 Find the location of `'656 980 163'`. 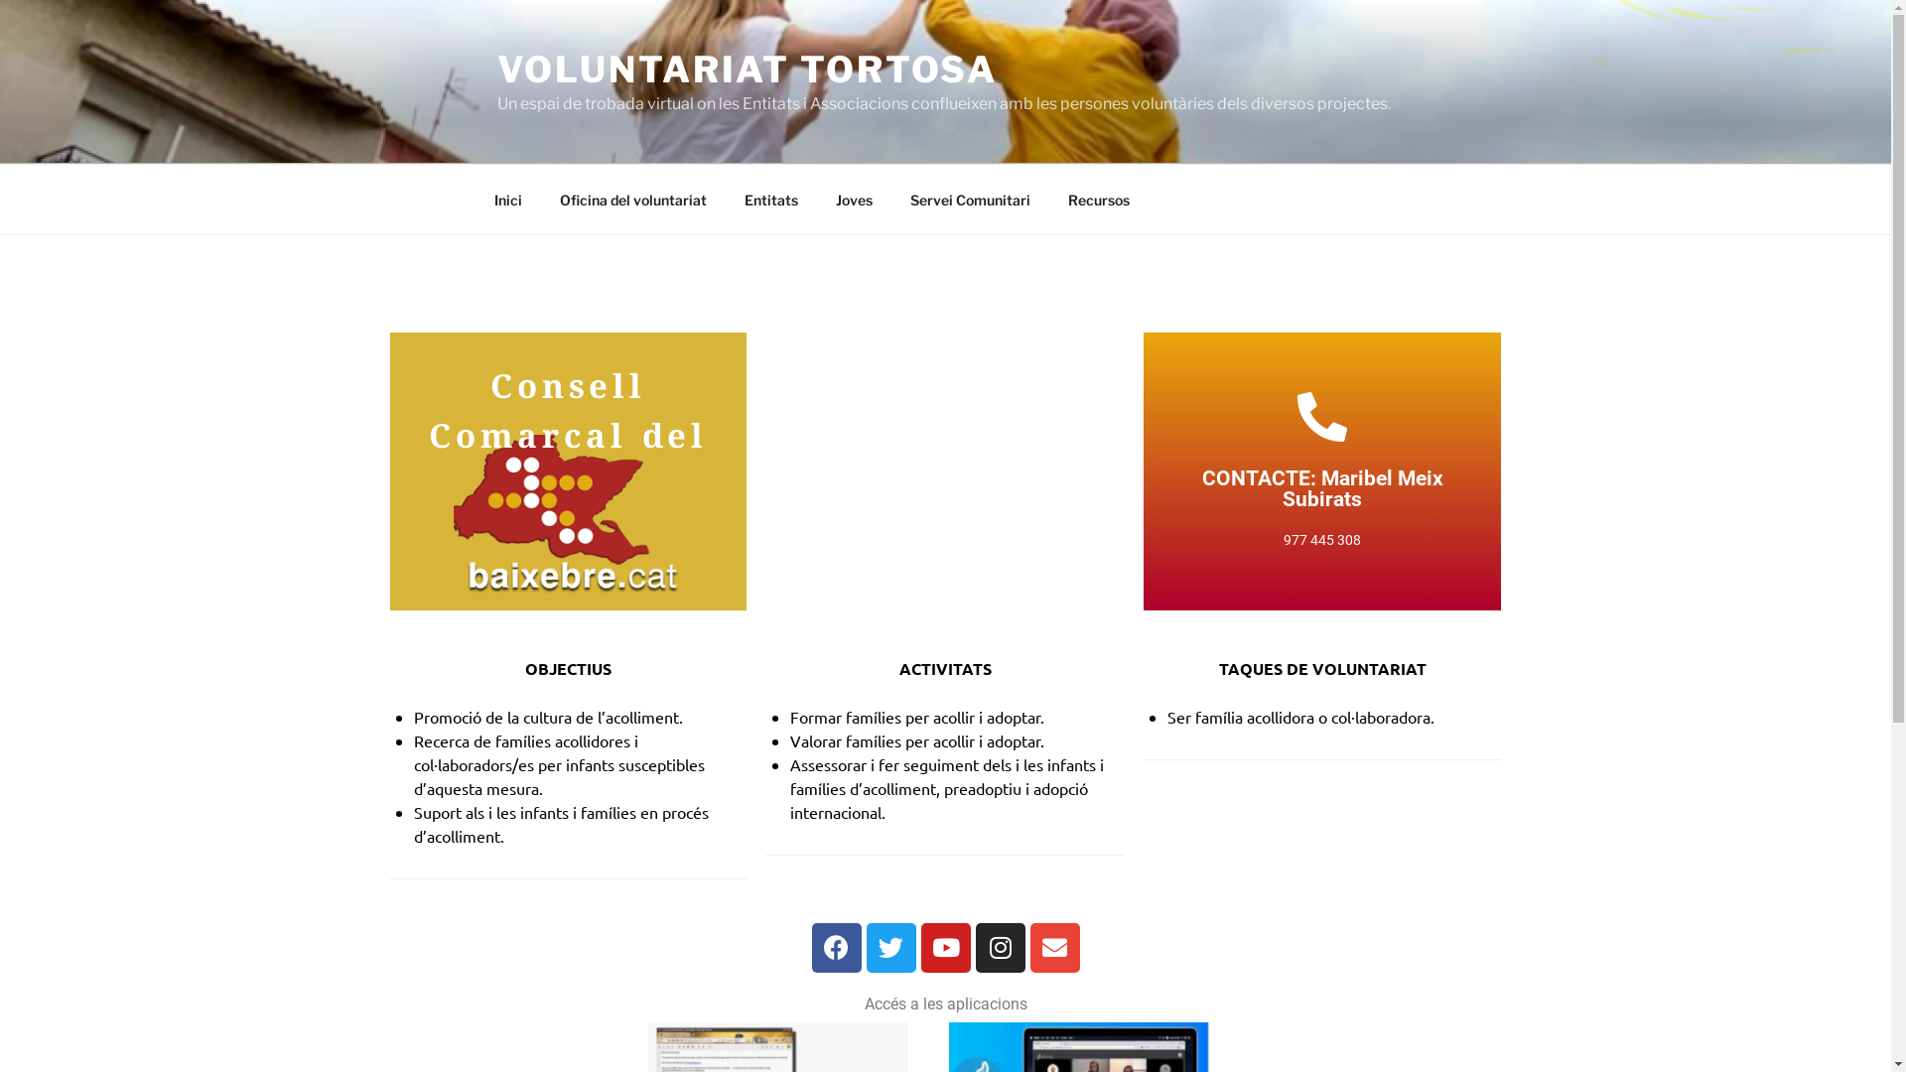

'656 980 163' is located at coordinates (1322, 451).